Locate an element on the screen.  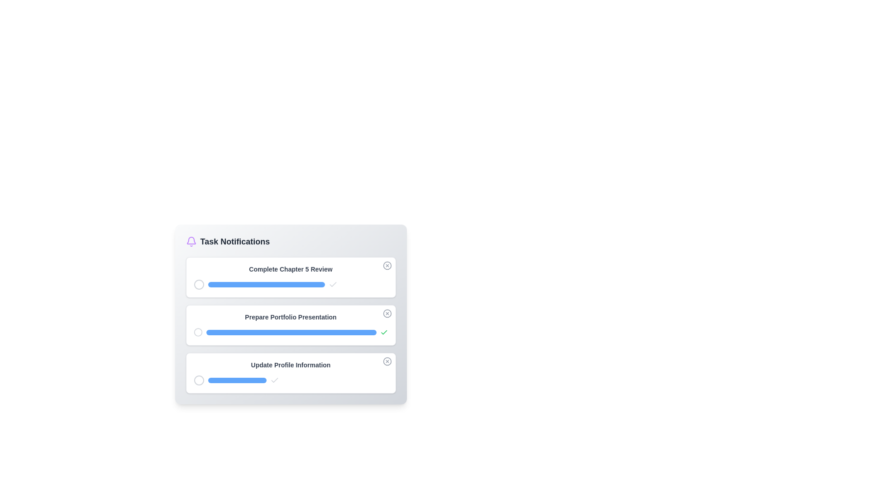
close button for the notification titled 'Update Profile Information' is located at coordinates (387, 361).